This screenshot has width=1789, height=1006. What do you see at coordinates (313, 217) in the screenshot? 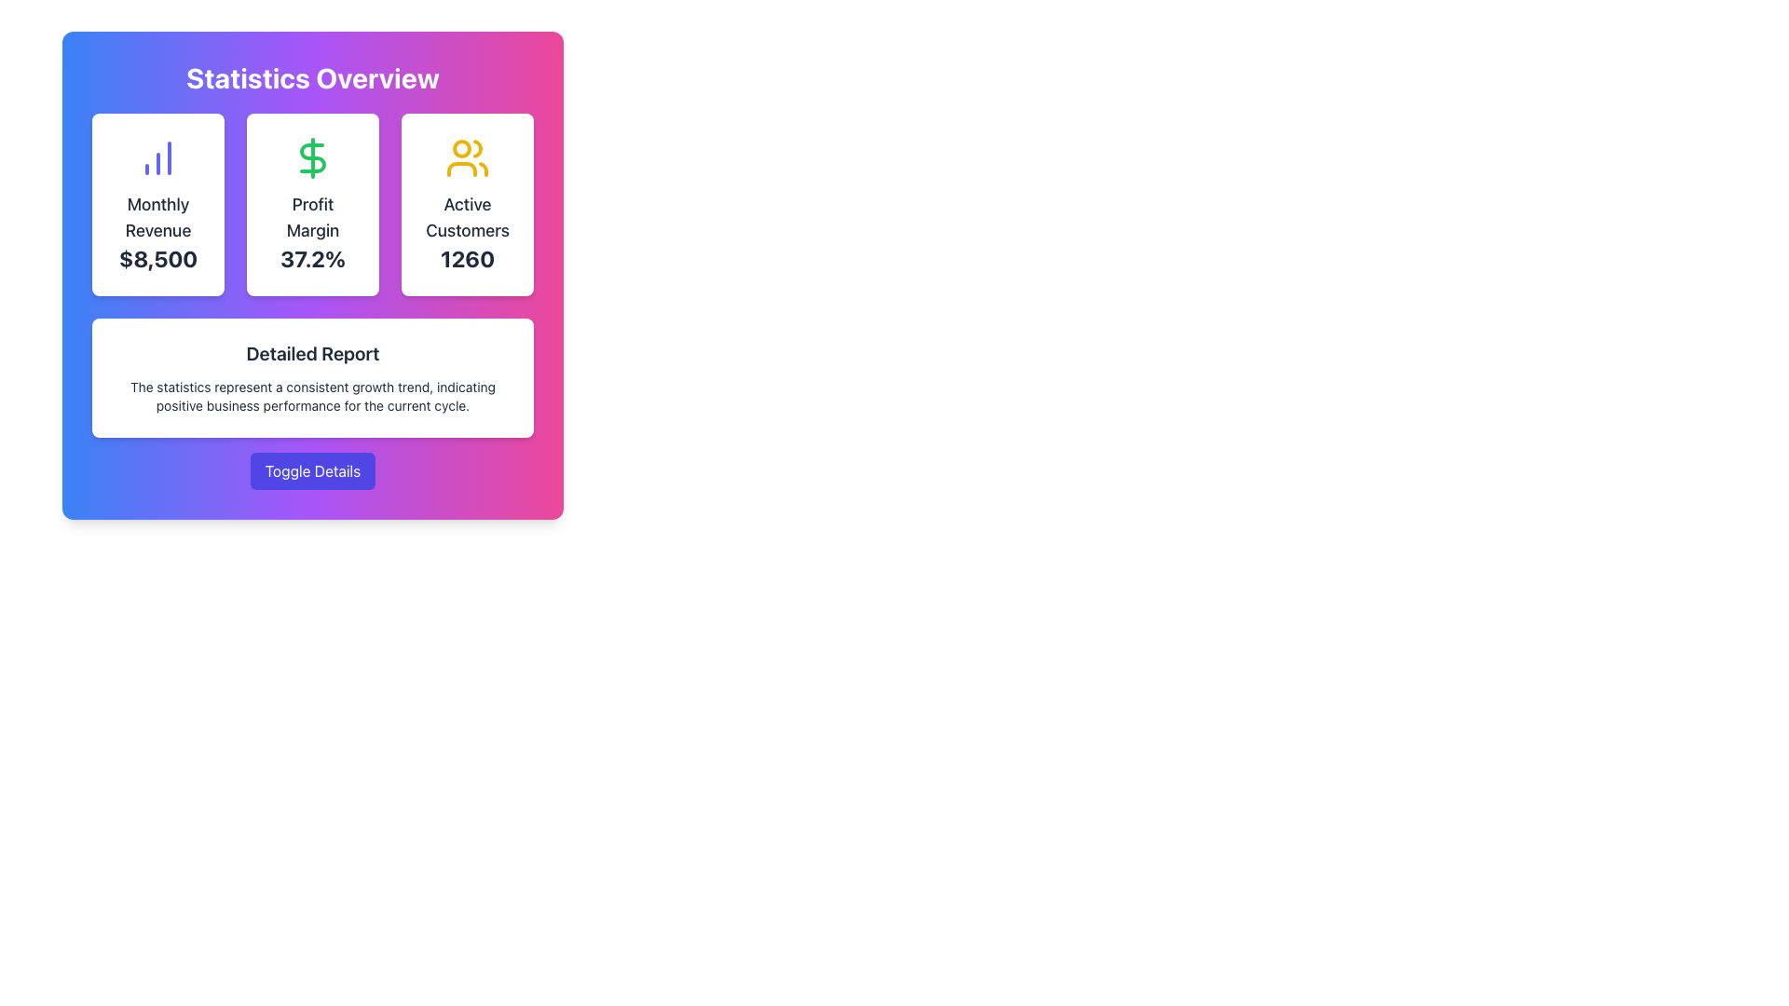
I see `the Text Label that indicates the profit margin metric in the central card of the 'Statistics Overview' section, located below the dollar sign icon` at bounding box center [313, 217].